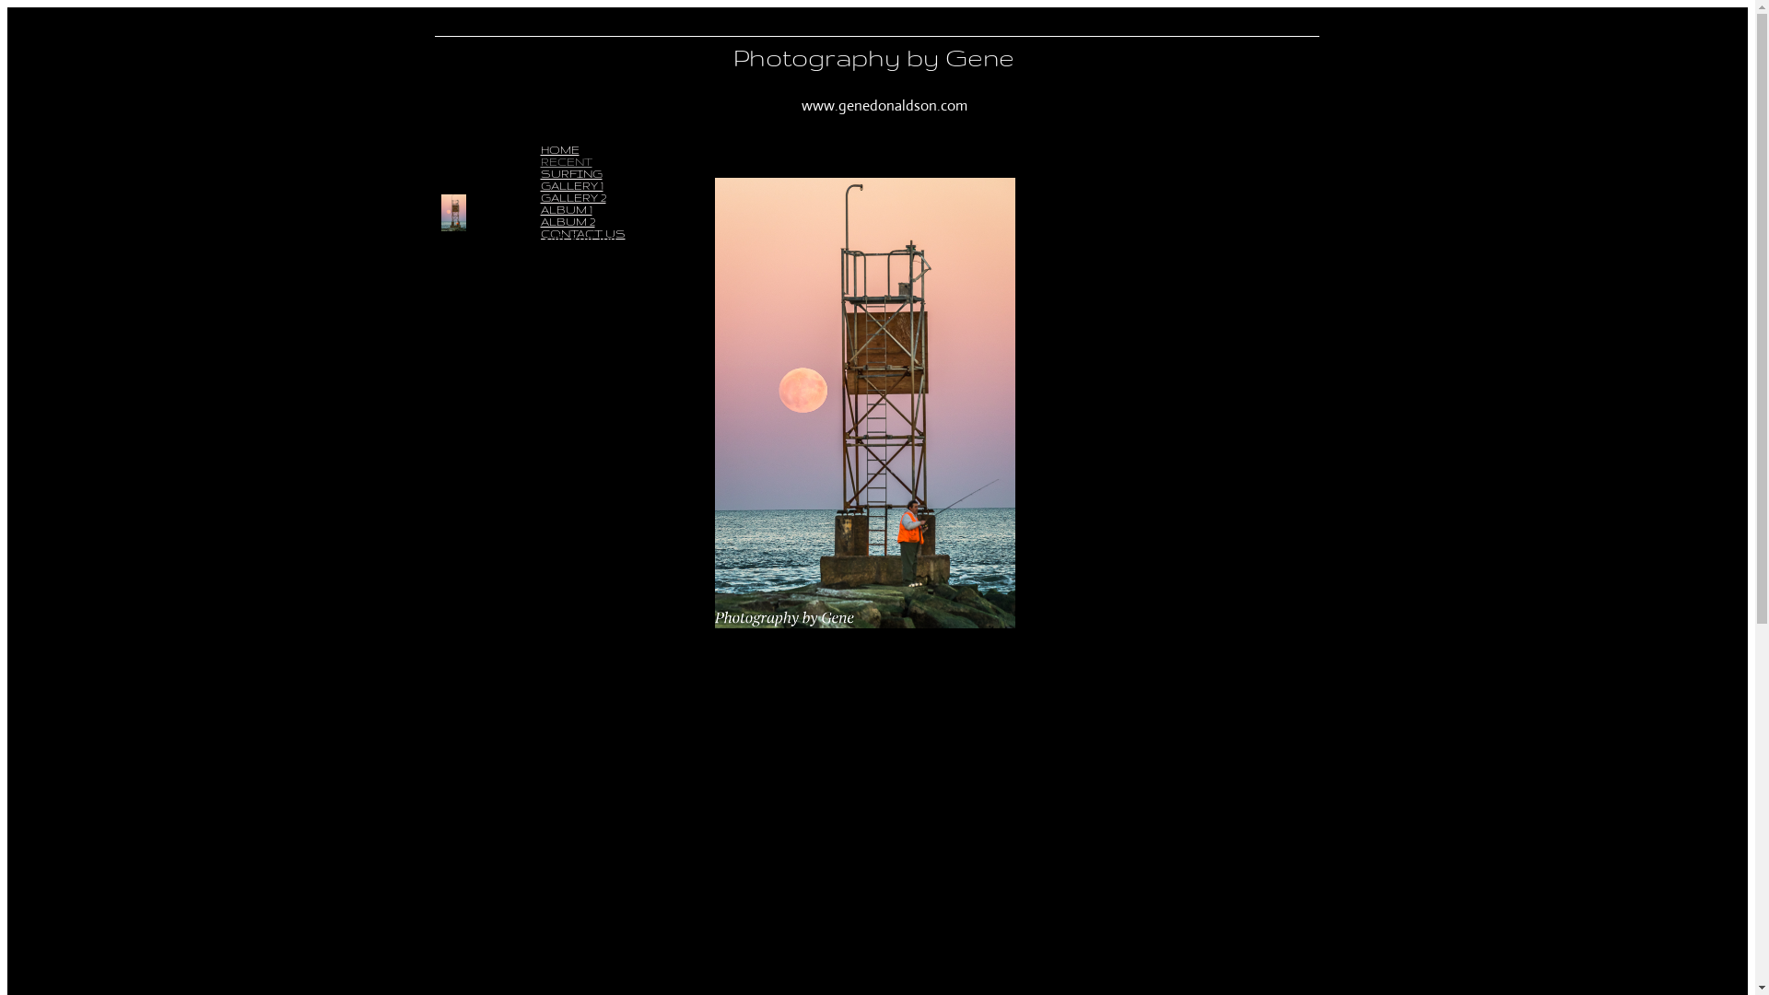 The image size is (1769, 995). What do you see at coordinates (538, 160) in the screenshot?
I see `'RECENT'` at bounding box center [538, 160].